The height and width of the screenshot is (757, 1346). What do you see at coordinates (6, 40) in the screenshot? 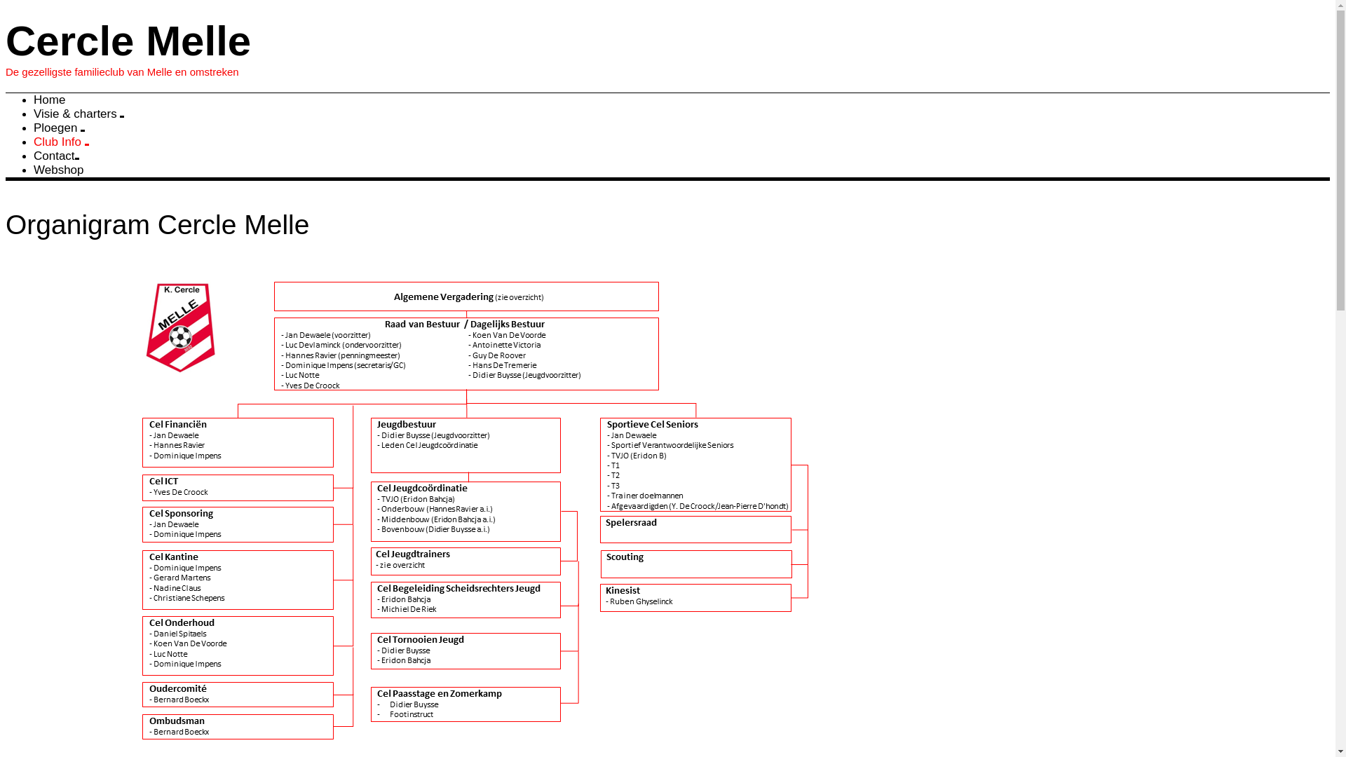
I see `'Cercle Melle'` at bounding box center [6, 40].